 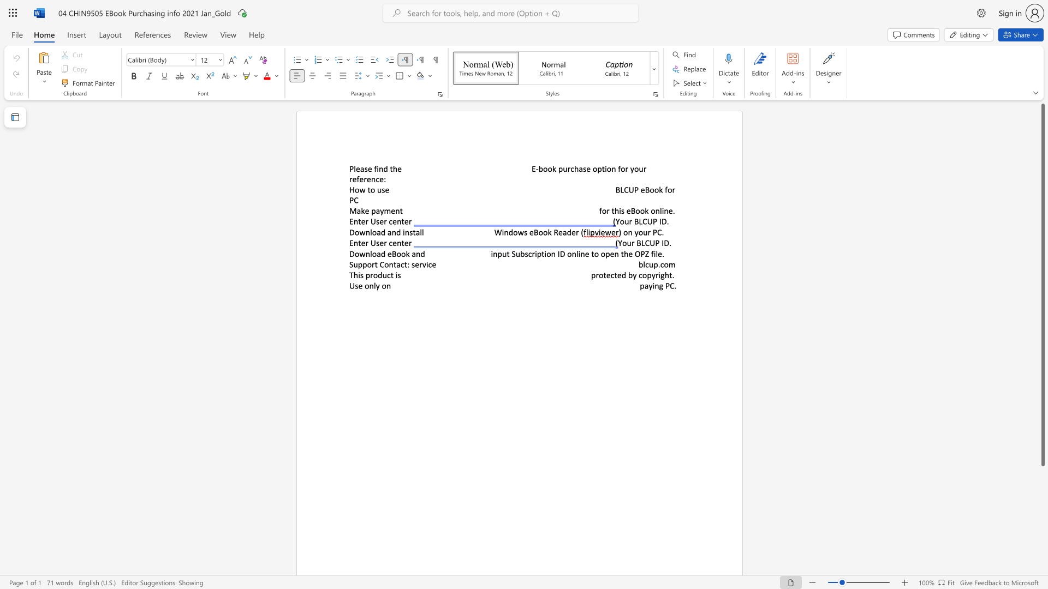 What do you see at coordinates (353, 211) in the screenshot?
I see `the 1th character "M" in the text` at bounding box center [353, 211].